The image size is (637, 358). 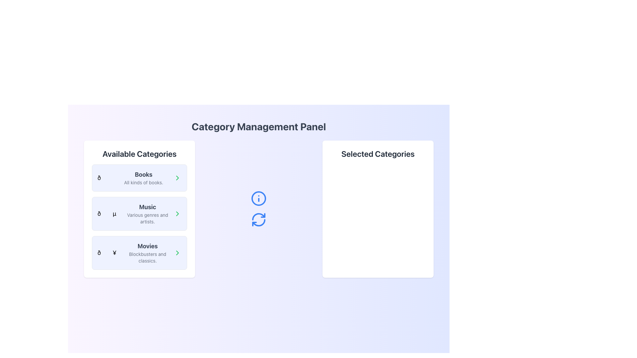 What do you see at coordinates (147, 207) in the screenshot?
I see `title text element labeled 'Music' located in the 'Available Categories' section on the left side of the interface` at bounding box center [147, 207].